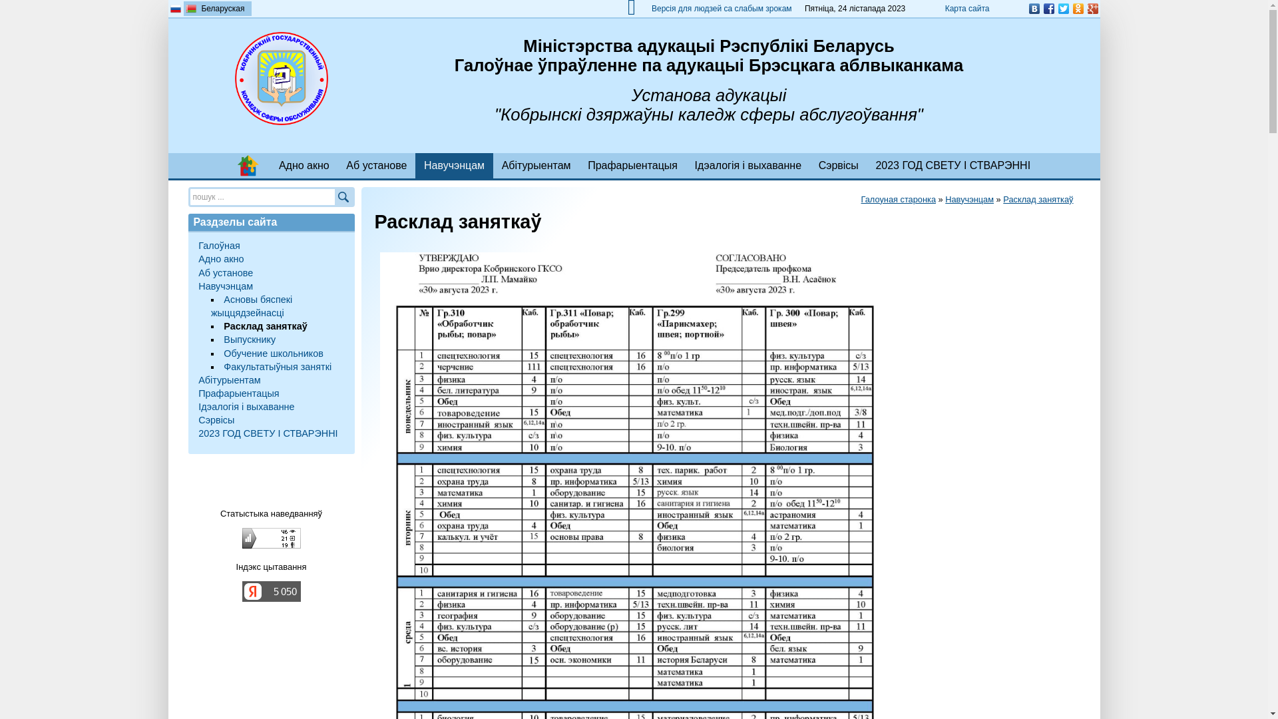 The height and width of the screenshot is (719, 1278). I want to click on 'Google Plus', so click(1092, 8).